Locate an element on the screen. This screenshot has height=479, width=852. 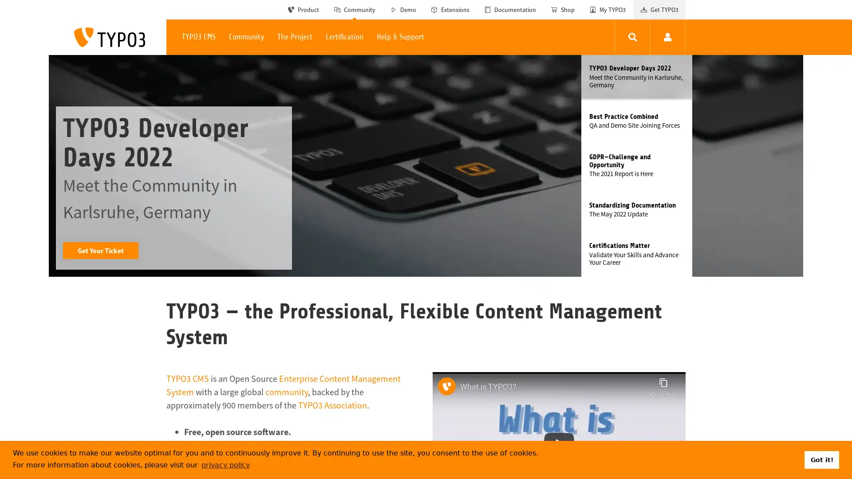
dismiss cookie message is located at coordinates (821, 459).